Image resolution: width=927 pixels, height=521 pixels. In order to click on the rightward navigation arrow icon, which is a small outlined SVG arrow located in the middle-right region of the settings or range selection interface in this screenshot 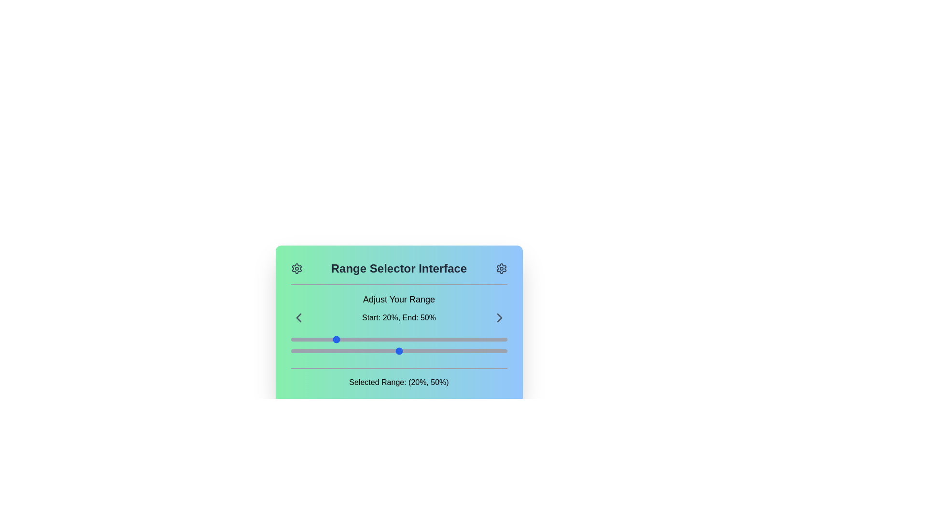, I will do `click(499, 318)`.